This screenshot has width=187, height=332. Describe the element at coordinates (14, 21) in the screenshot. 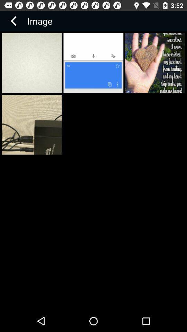

I see `the arrow_backward icon` at that location.